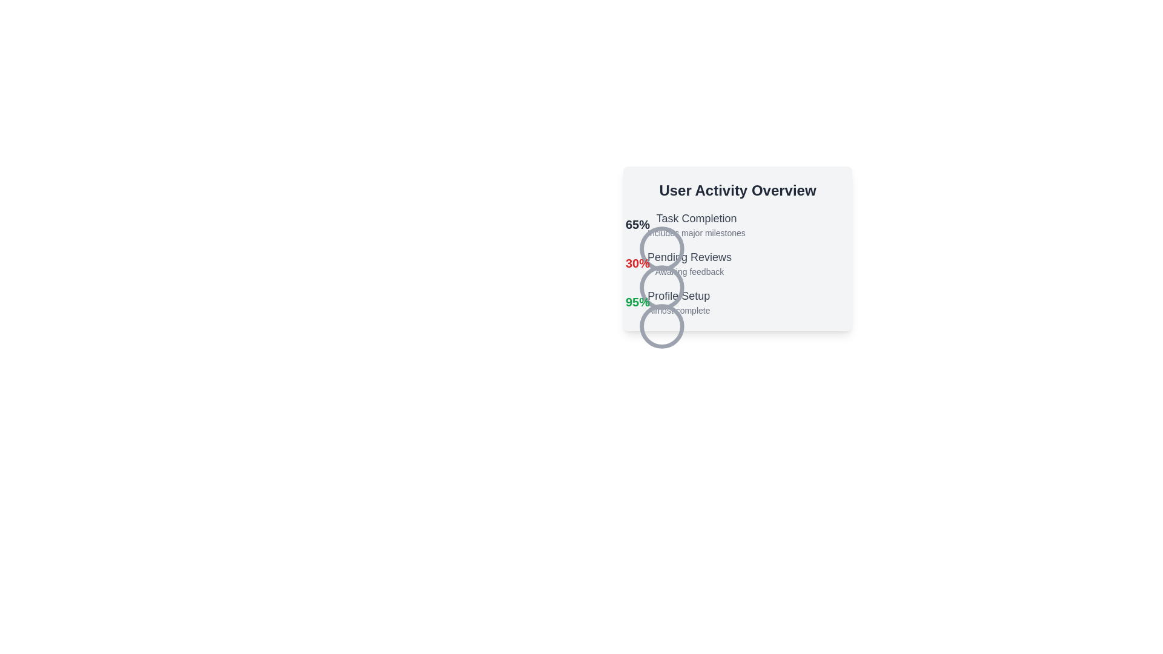  Describe the element at coordinates (696, 224) in the screenshot. I see `the Text Display element that shows 'Task Completion' in dark gray with the second line 'Includes major milestones' in lighter gray, positioned below the circular graphical element in the 'User Activity Overview' section` at that location.